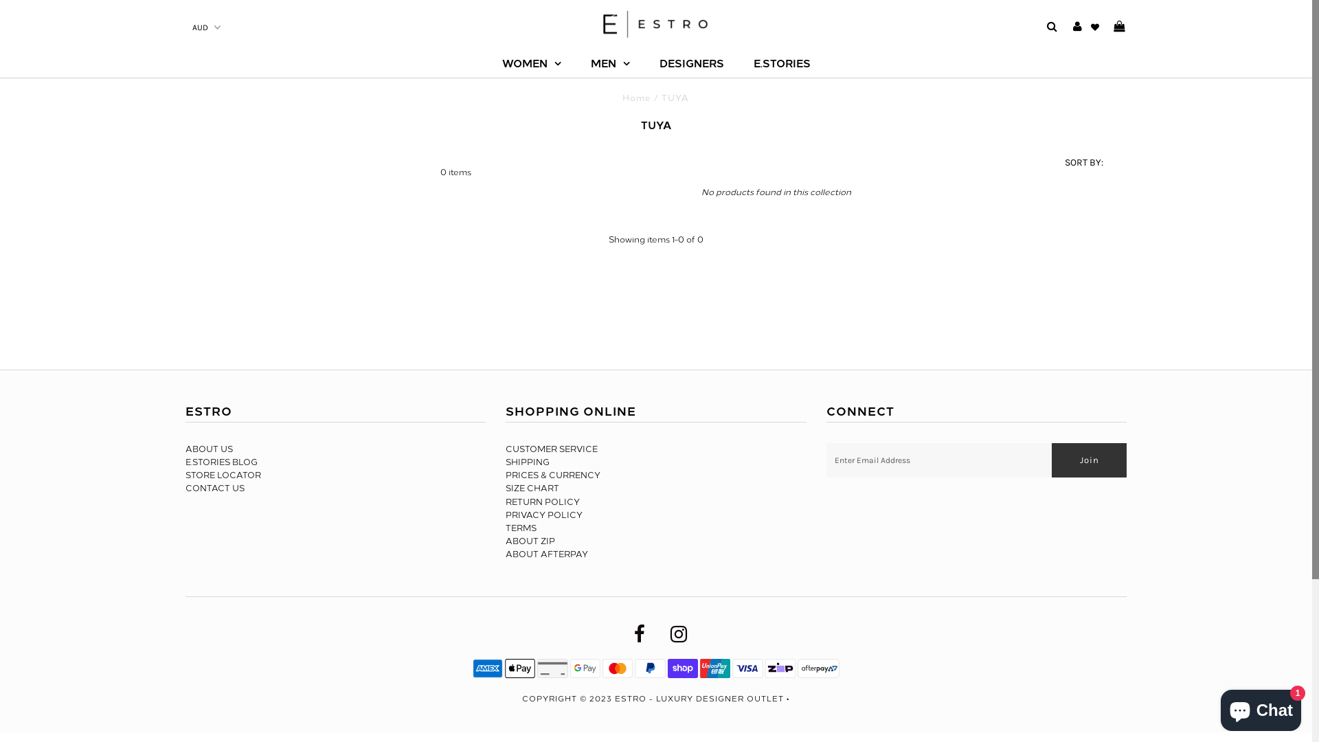 The height and width of the screenshot is (742, 1319). Describe the element at coordinates (214, 487) in the screenshot. I see `'CONTACT US'` at that location.